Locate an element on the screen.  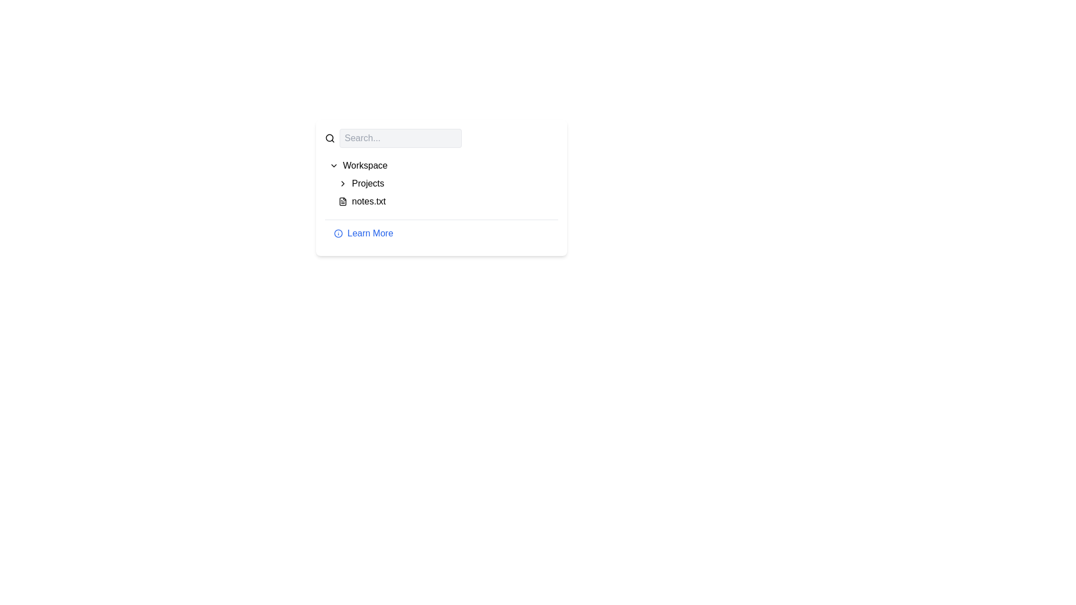
the 'Projects' text label, which is part of a vertical list of items and located beneath 'Workspace' is located at coordinates (368, 183).